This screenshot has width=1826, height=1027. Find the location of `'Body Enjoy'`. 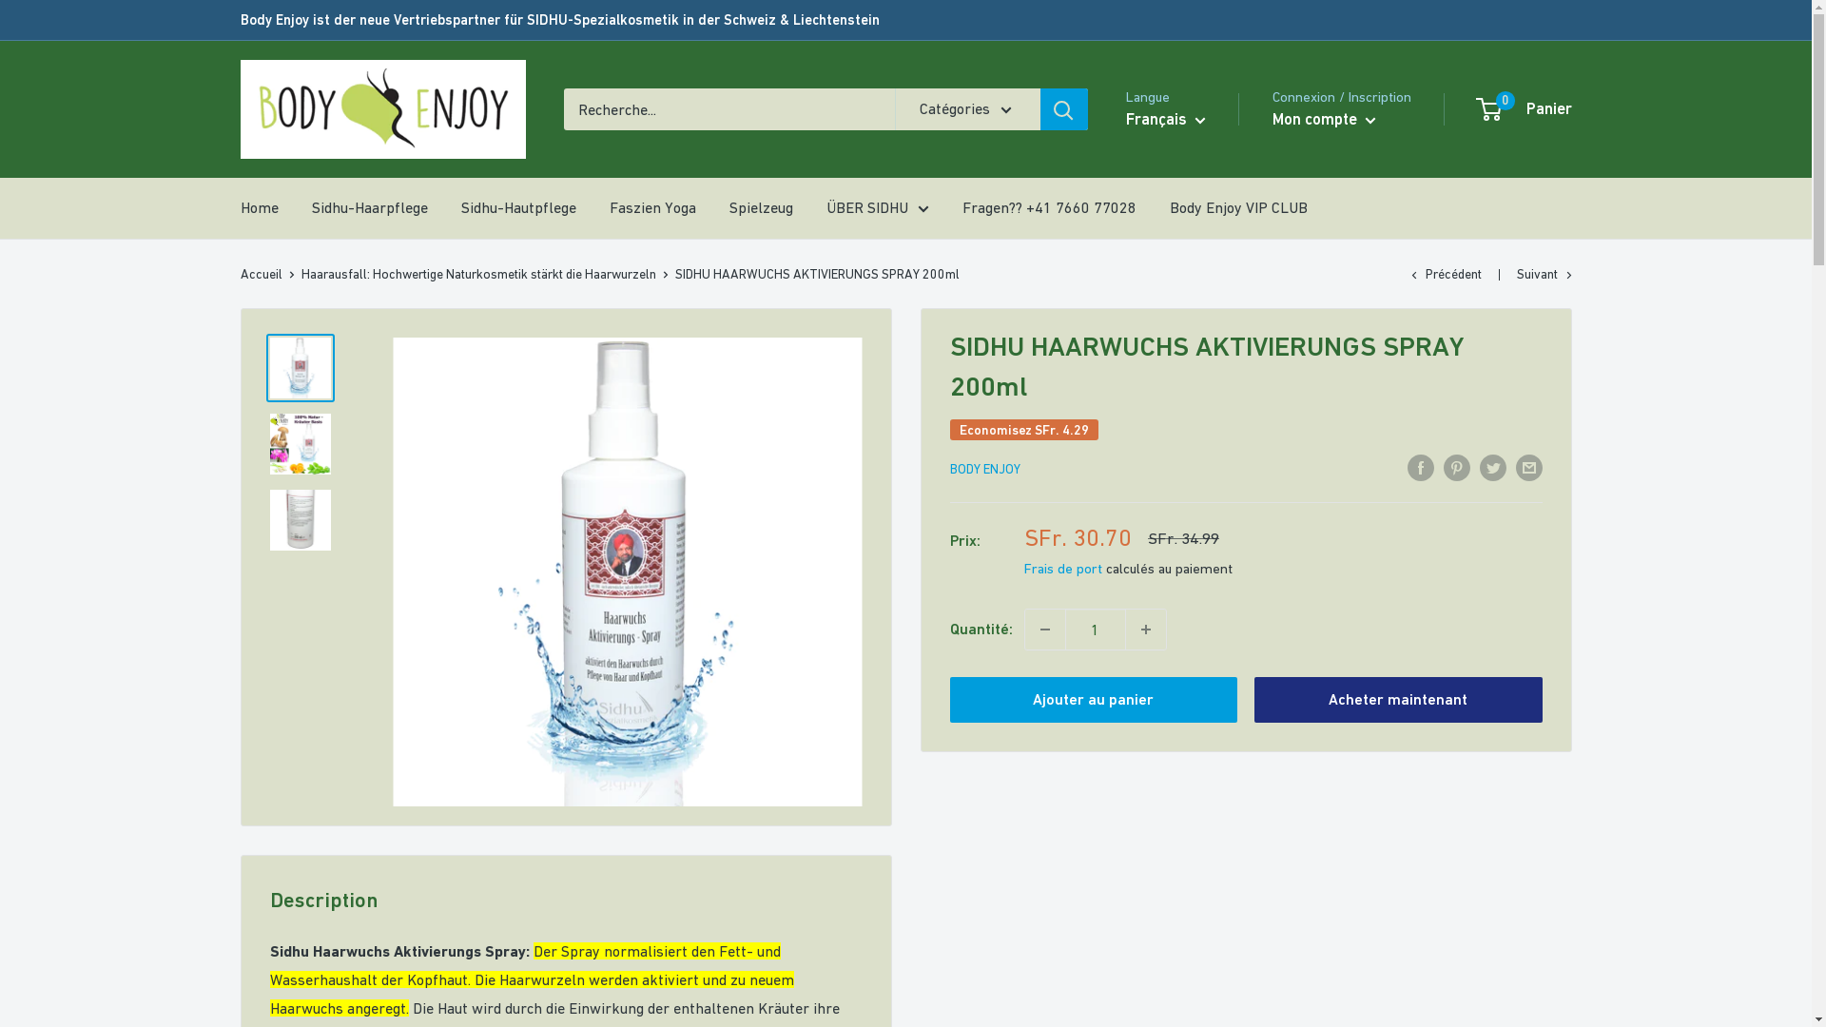

'Body Enjoy' is located at coordinates (381, 109).